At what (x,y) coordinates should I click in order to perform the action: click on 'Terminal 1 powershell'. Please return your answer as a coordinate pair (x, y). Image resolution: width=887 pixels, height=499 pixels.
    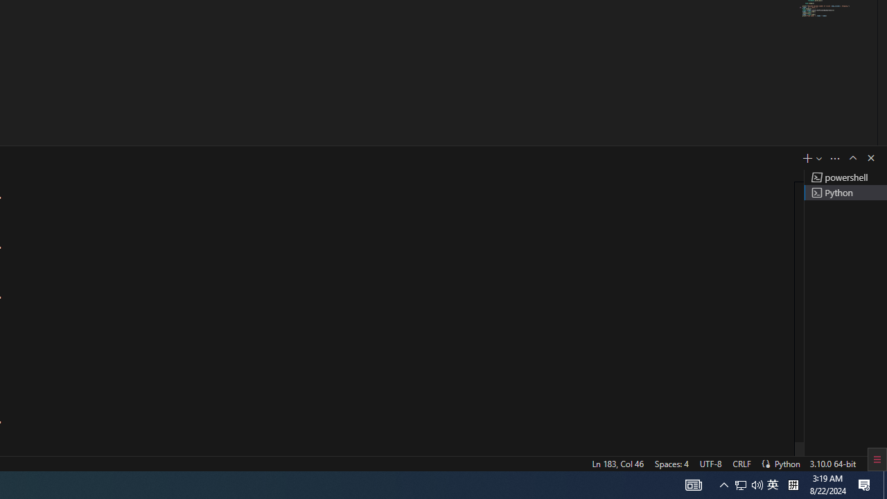
    Looking at the image, I should click on (845, 176).